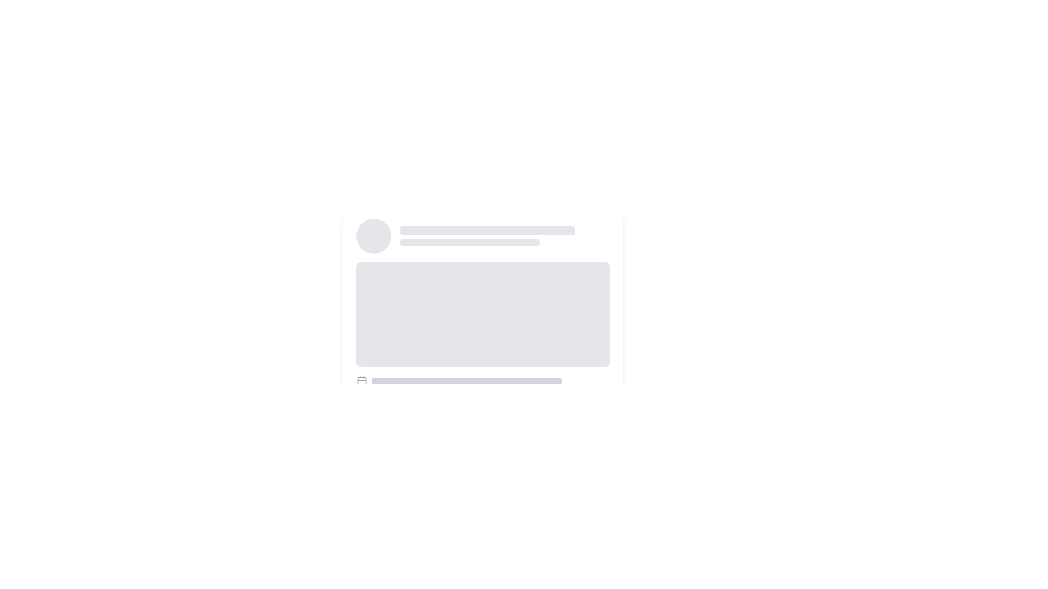 The height and width of the screenshot is (589, 1048). I want to click on the calendar icon in the Icon and progress placeholder component to receive more information, so click(482, 380).